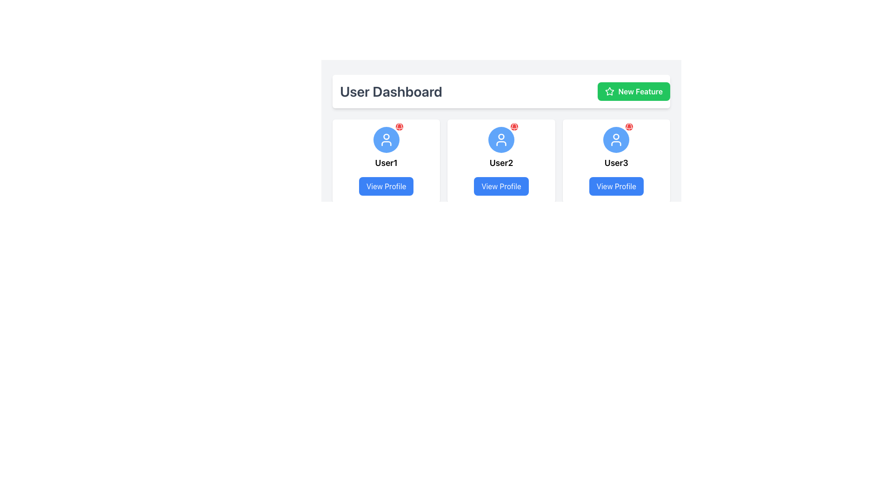  I want to click on the text label displaying 'User1', which is centrally located below the avatar icon and above the 'View Profile' button in the user card, so click(386, 163).